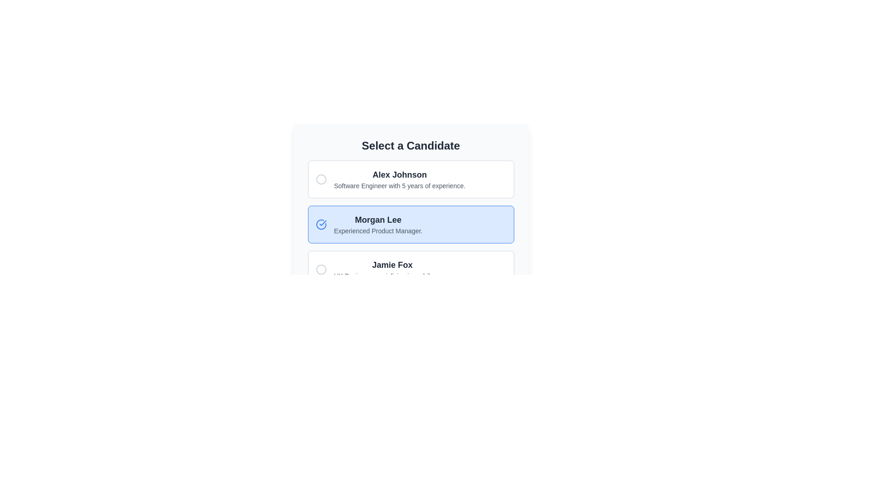 The height and width of the screenshot is (497, 884). Describe the element at coordinates (321, 225) in the screenshot. I see `the highlighting effect of the stylized 'check-circle' graphic indicating that 'Morgan Lee' is selected` at that location.